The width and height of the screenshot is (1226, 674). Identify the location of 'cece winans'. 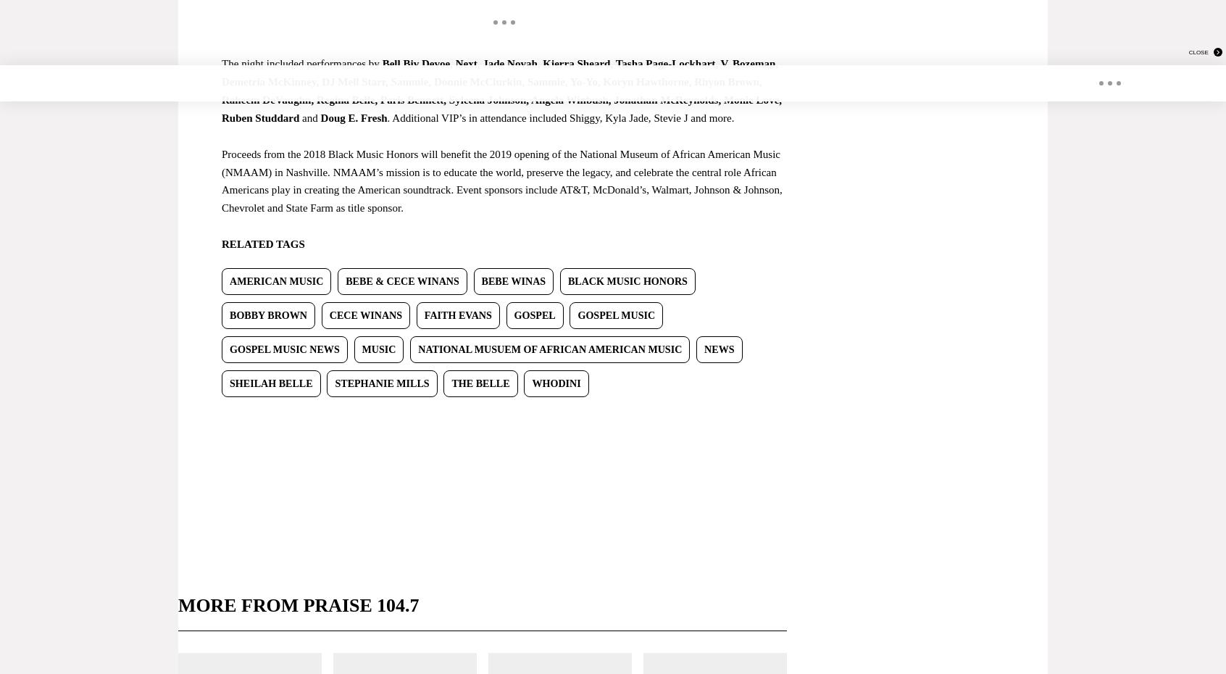
(365, 315).